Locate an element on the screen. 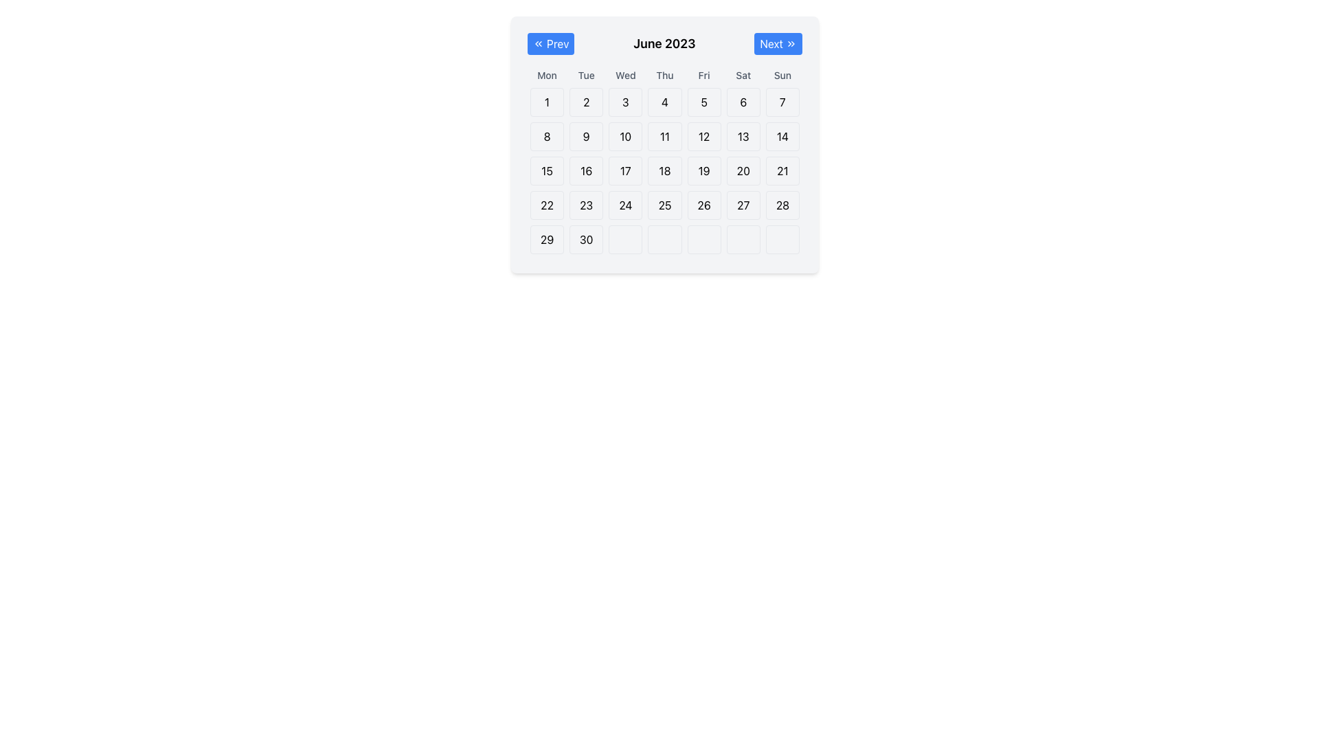  the button representing the date '6' in the current month's calendar view is located at coordinates (743, 102).